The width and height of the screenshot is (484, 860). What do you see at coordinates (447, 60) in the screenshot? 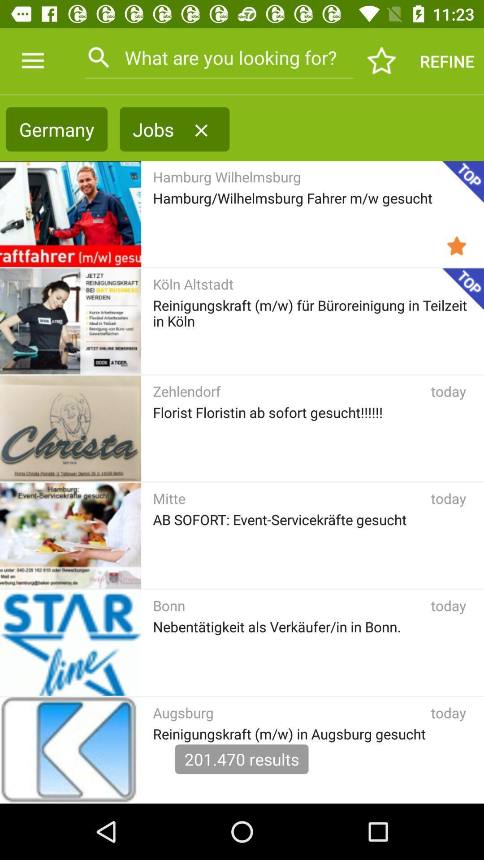
I see `the refine item` at bounding box center [447, 60].